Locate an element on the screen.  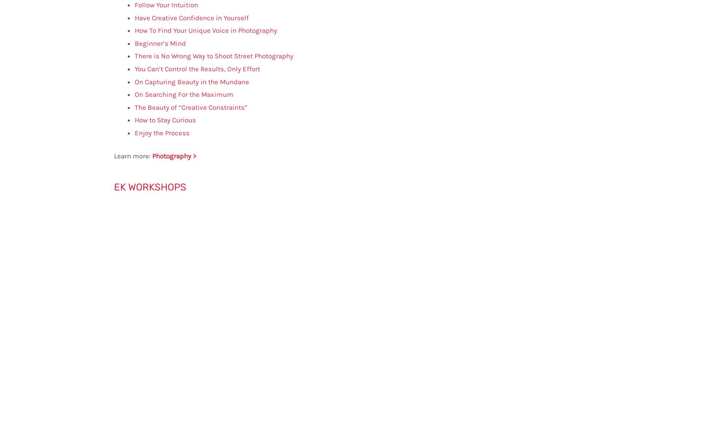
'Learn more:' is located at coordinates (133, 155).